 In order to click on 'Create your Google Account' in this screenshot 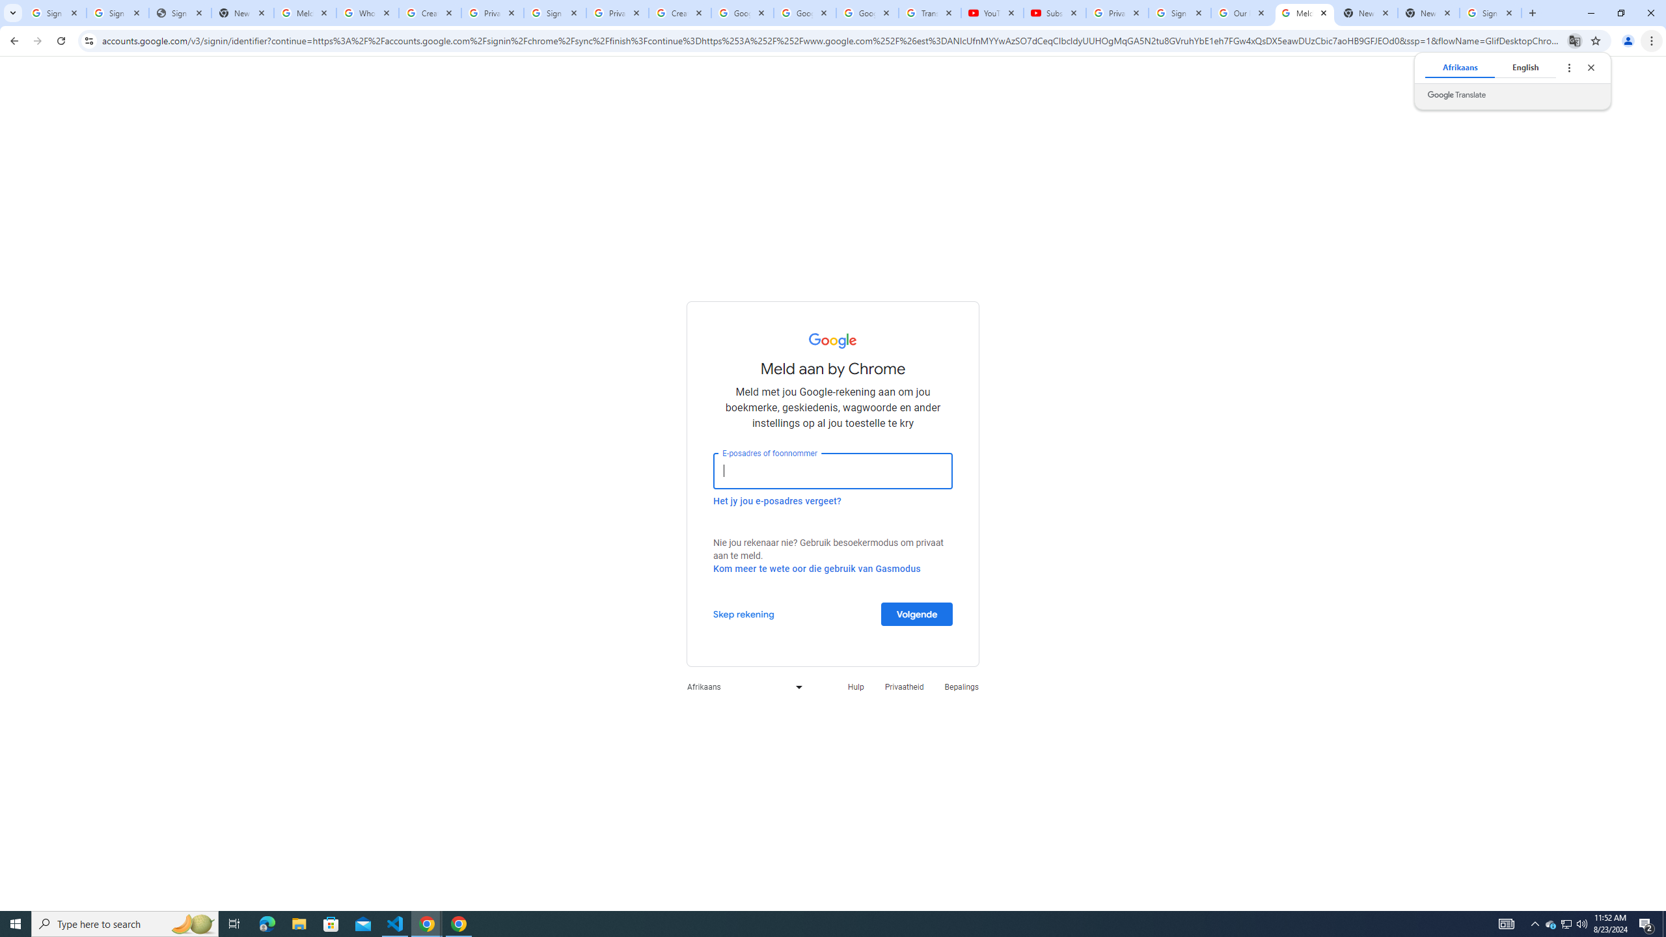, I will do `click(679, 12)`.